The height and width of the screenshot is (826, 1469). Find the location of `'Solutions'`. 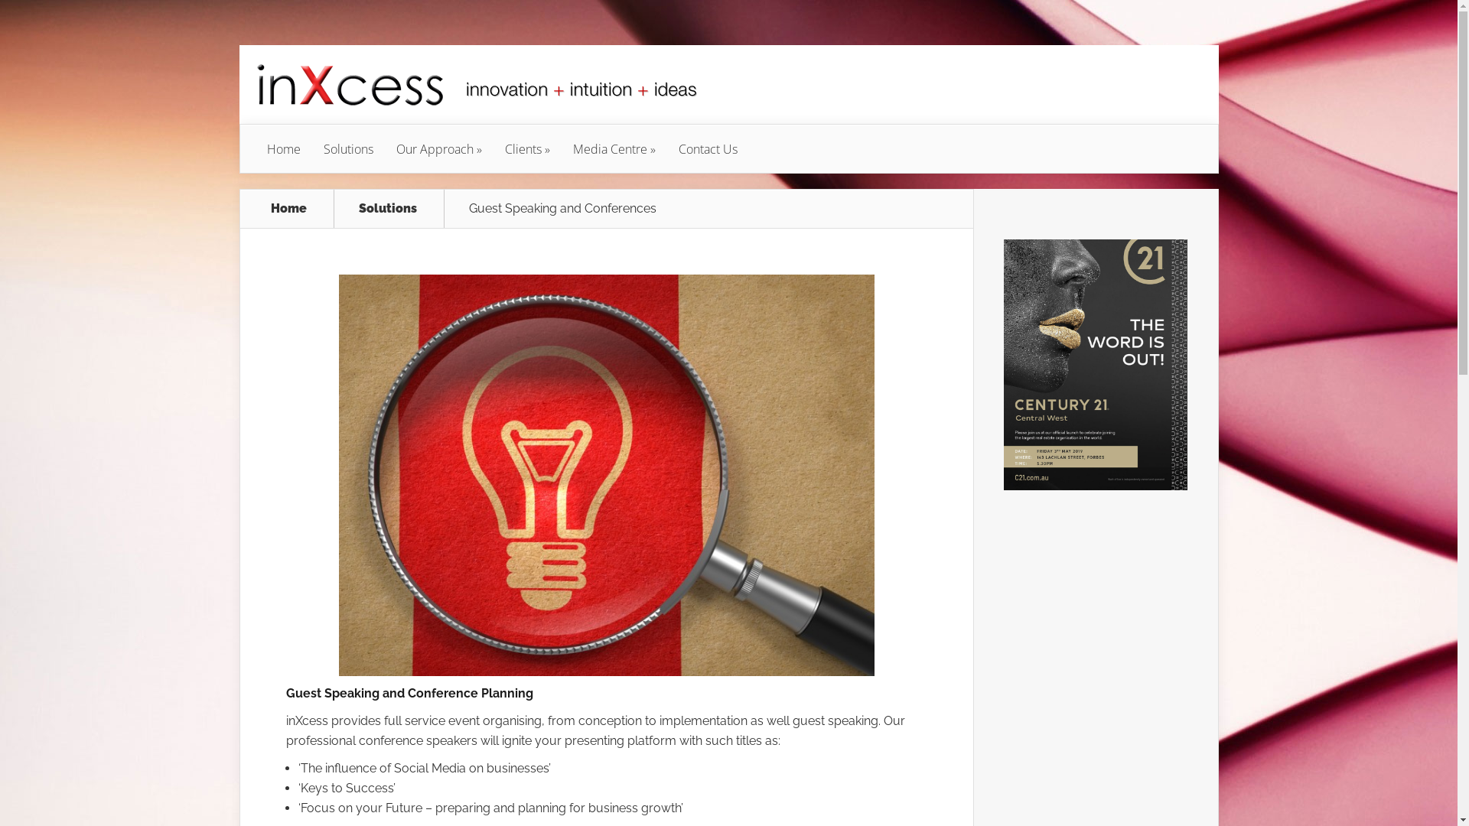

'Solutions' is located at coordinates (347, 149).